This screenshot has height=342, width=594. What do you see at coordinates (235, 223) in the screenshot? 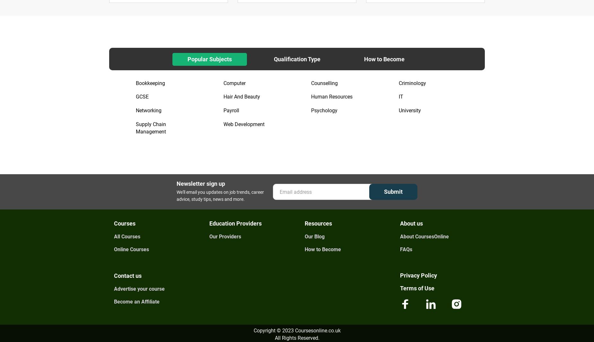
I see `'Education Providers'` at bounding box center [235, 223].